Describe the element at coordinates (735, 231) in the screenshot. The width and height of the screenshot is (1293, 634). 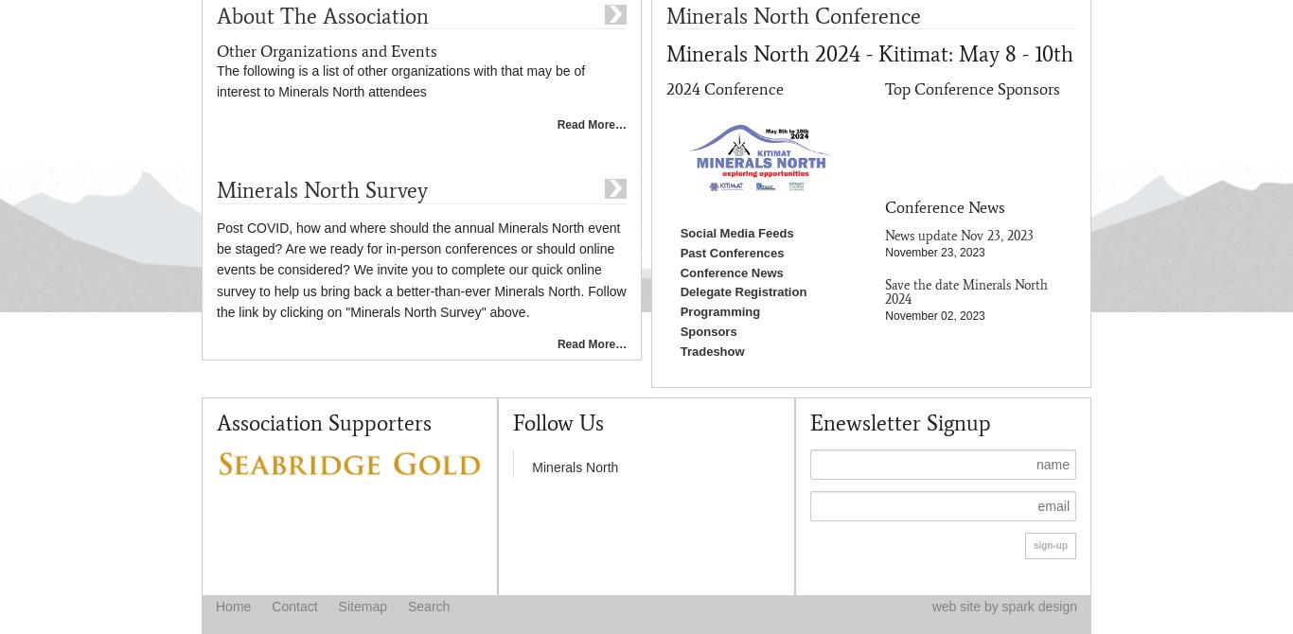
I see `'Social Media Feeds'` at that location.